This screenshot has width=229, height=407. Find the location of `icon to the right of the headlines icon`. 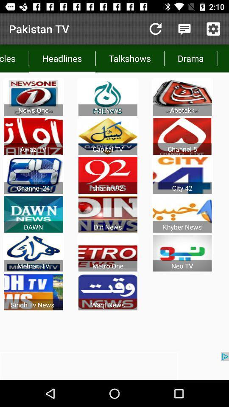

icon to the right of the headlines icon is located at coordinates (130, 58).